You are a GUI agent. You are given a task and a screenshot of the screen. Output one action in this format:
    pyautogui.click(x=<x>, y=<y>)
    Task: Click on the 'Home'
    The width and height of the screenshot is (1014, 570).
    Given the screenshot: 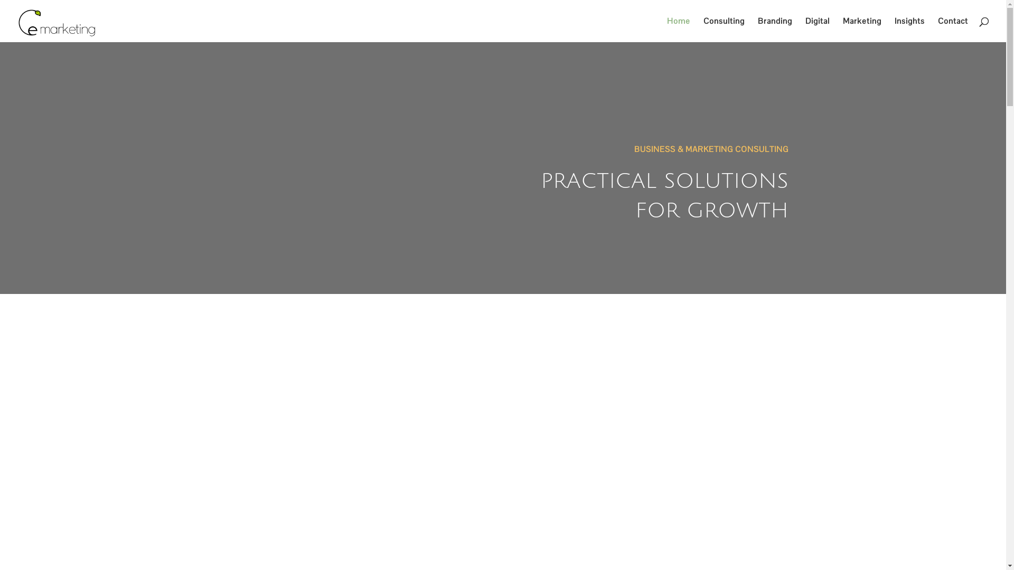 What is the action you would take?
    pyautogui.click(x=679, y=29)
    